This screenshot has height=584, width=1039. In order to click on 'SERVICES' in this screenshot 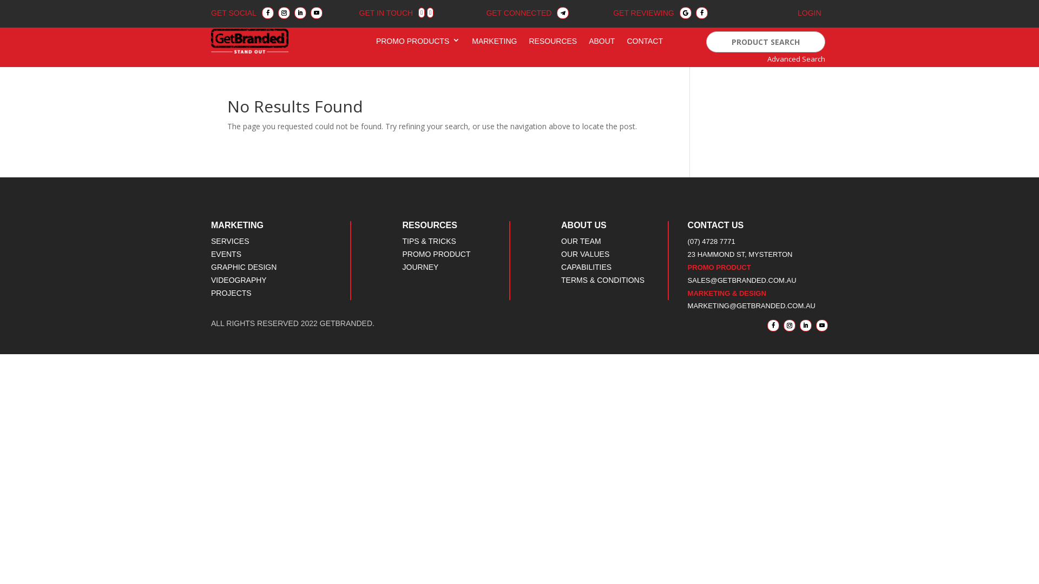, I will do `click(229, 241)`.